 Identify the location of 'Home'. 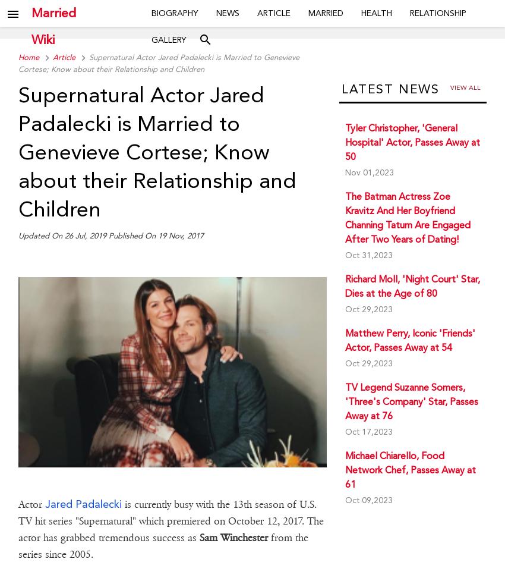
(28, 57).